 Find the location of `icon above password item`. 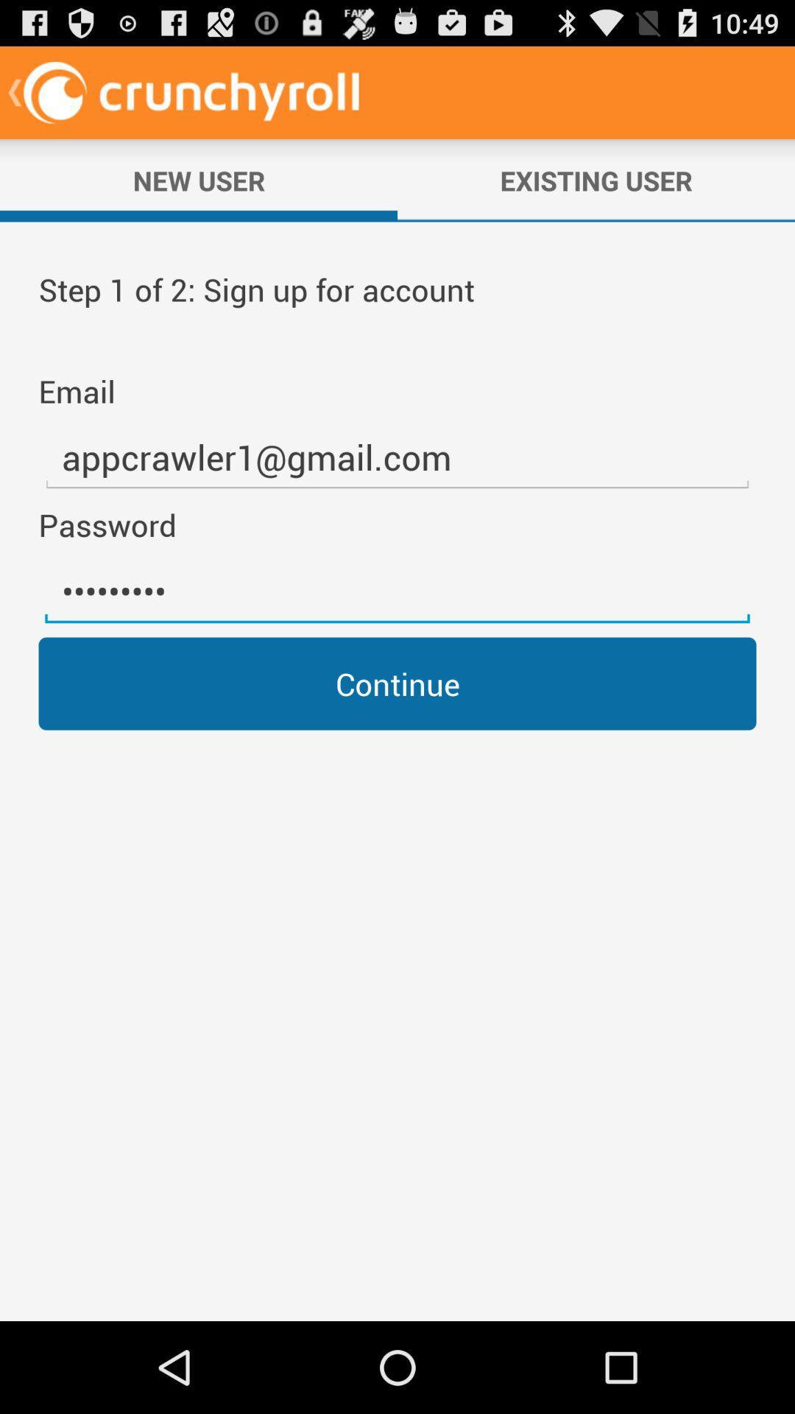

icon above password item is located at coordinates (397, 457).